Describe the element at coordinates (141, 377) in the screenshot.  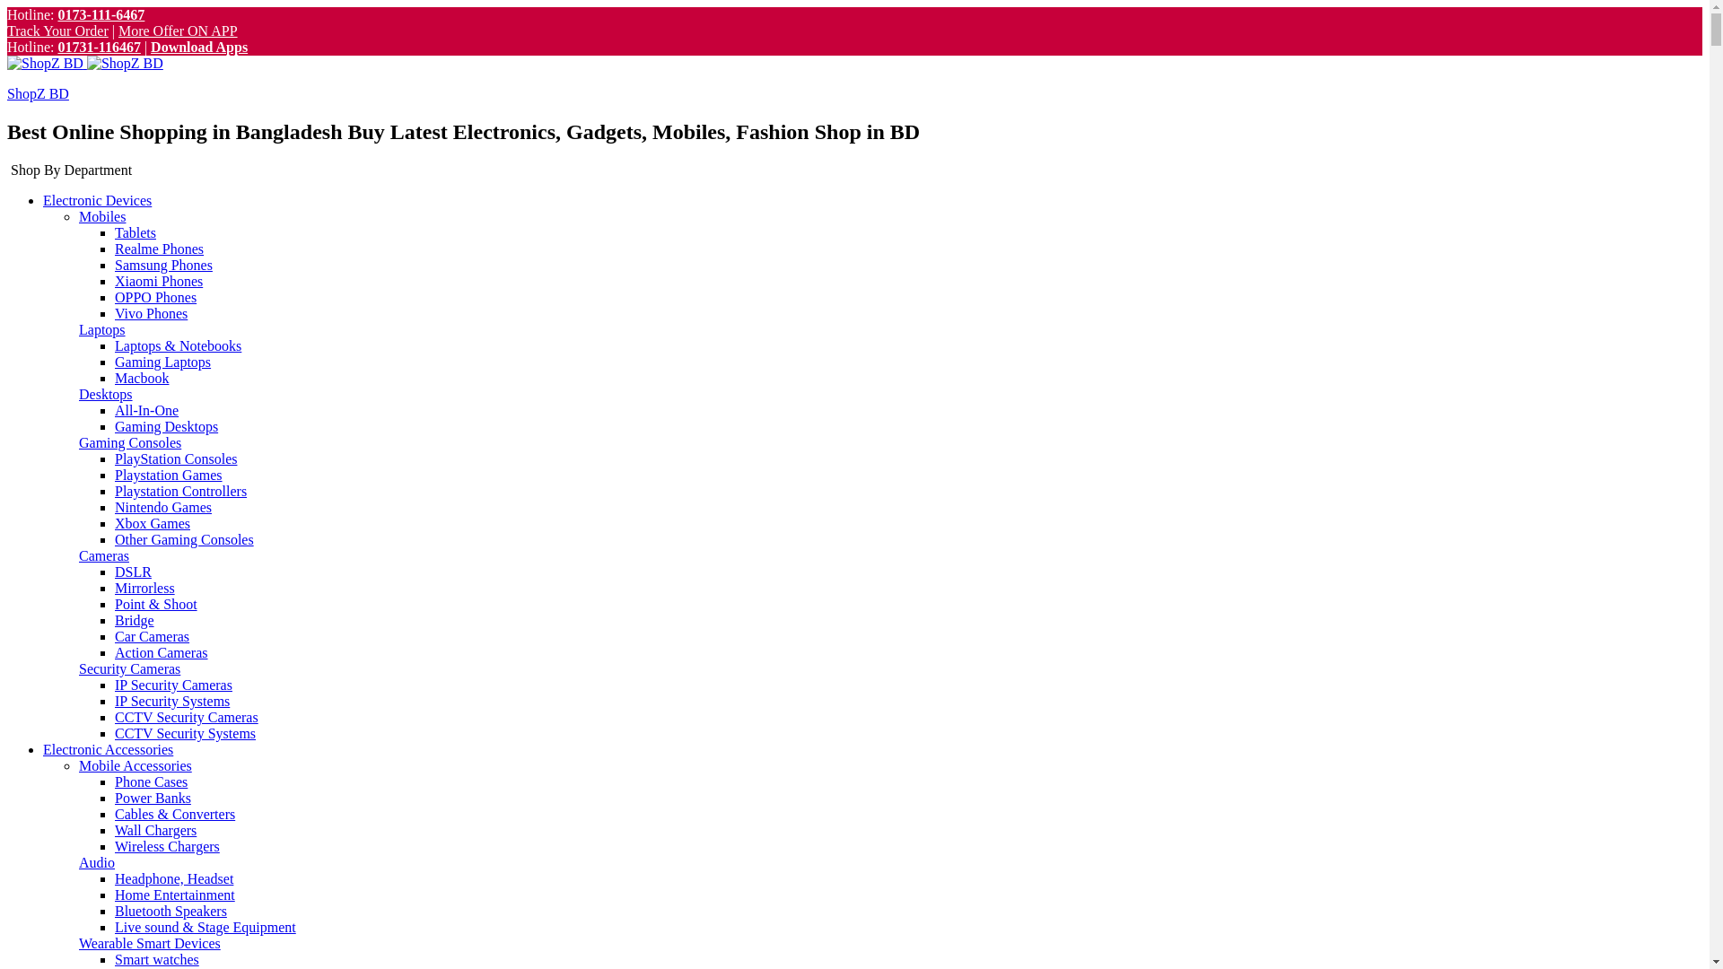
I see `'Macbook'` at that location.